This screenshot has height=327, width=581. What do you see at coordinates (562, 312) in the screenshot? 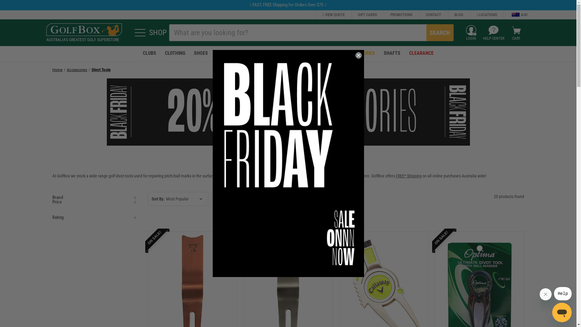
I see `'Button to launch messaging window'` at bounding box center [562, 312].